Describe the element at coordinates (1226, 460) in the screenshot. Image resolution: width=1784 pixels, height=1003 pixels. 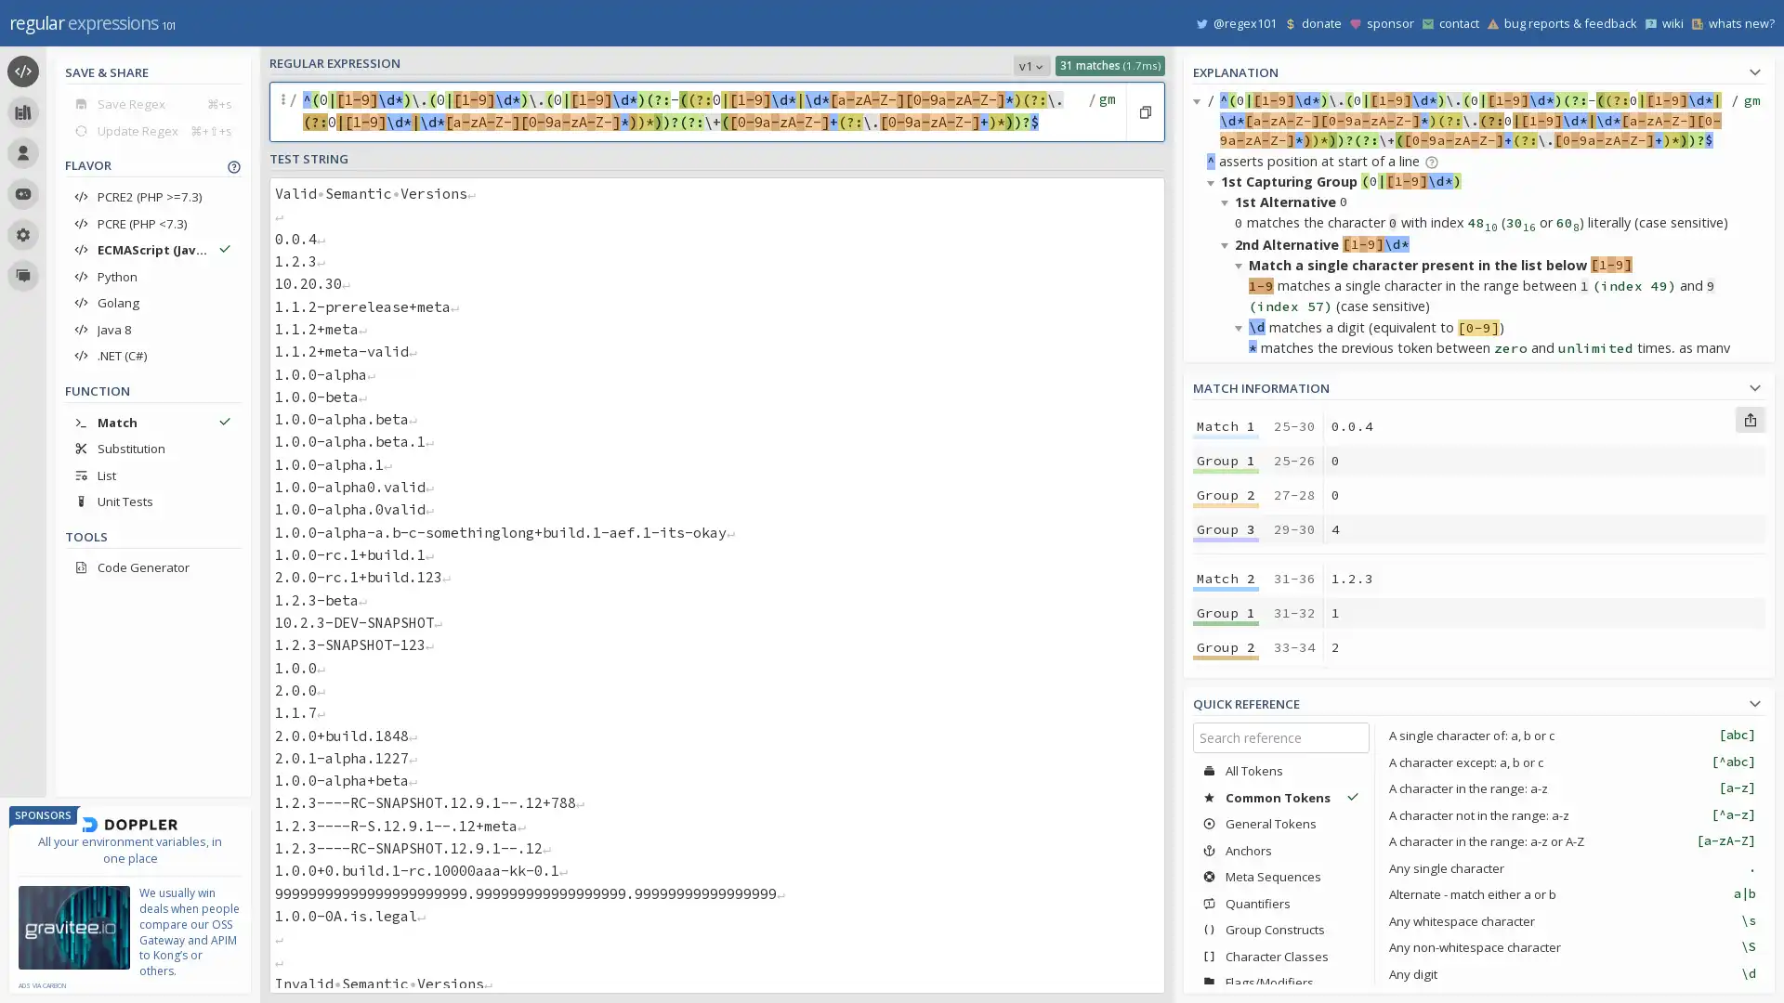
I see `Group 1` at that location.